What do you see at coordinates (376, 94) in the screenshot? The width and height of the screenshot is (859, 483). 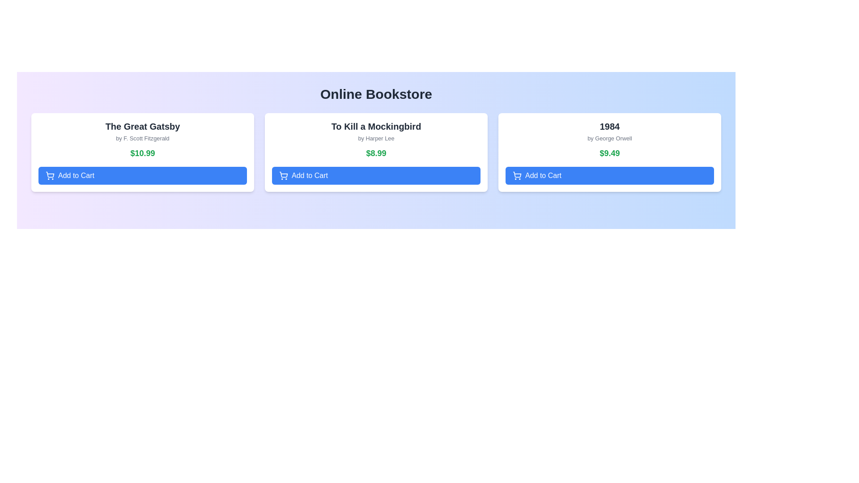 I see `text of the main heading located at the top-center of the webpage for the online bookstore` at bounding box center [376, 94].